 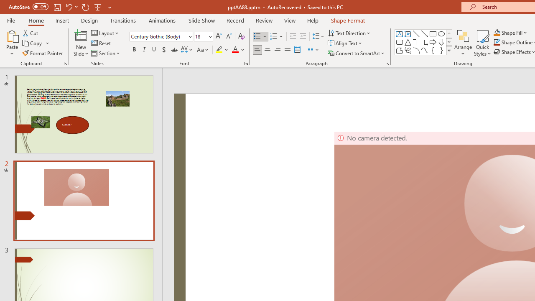 What do you see at coordinates (497, 32) in the screenshot?
I see `'Shape Fill Aqua, Accent 2'` at bounding box center [497, 32].